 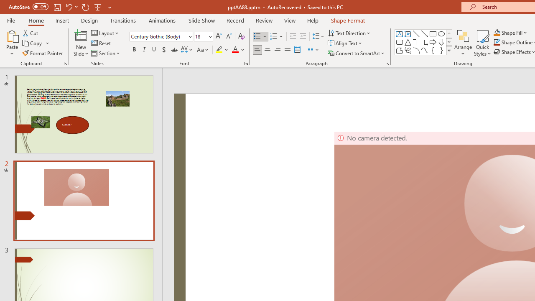 What do you see at coordinates (497, 32) in the screenshot?
I see `'Shape Fill Aqua, Accent 2'` at bounding box center [497, 32].